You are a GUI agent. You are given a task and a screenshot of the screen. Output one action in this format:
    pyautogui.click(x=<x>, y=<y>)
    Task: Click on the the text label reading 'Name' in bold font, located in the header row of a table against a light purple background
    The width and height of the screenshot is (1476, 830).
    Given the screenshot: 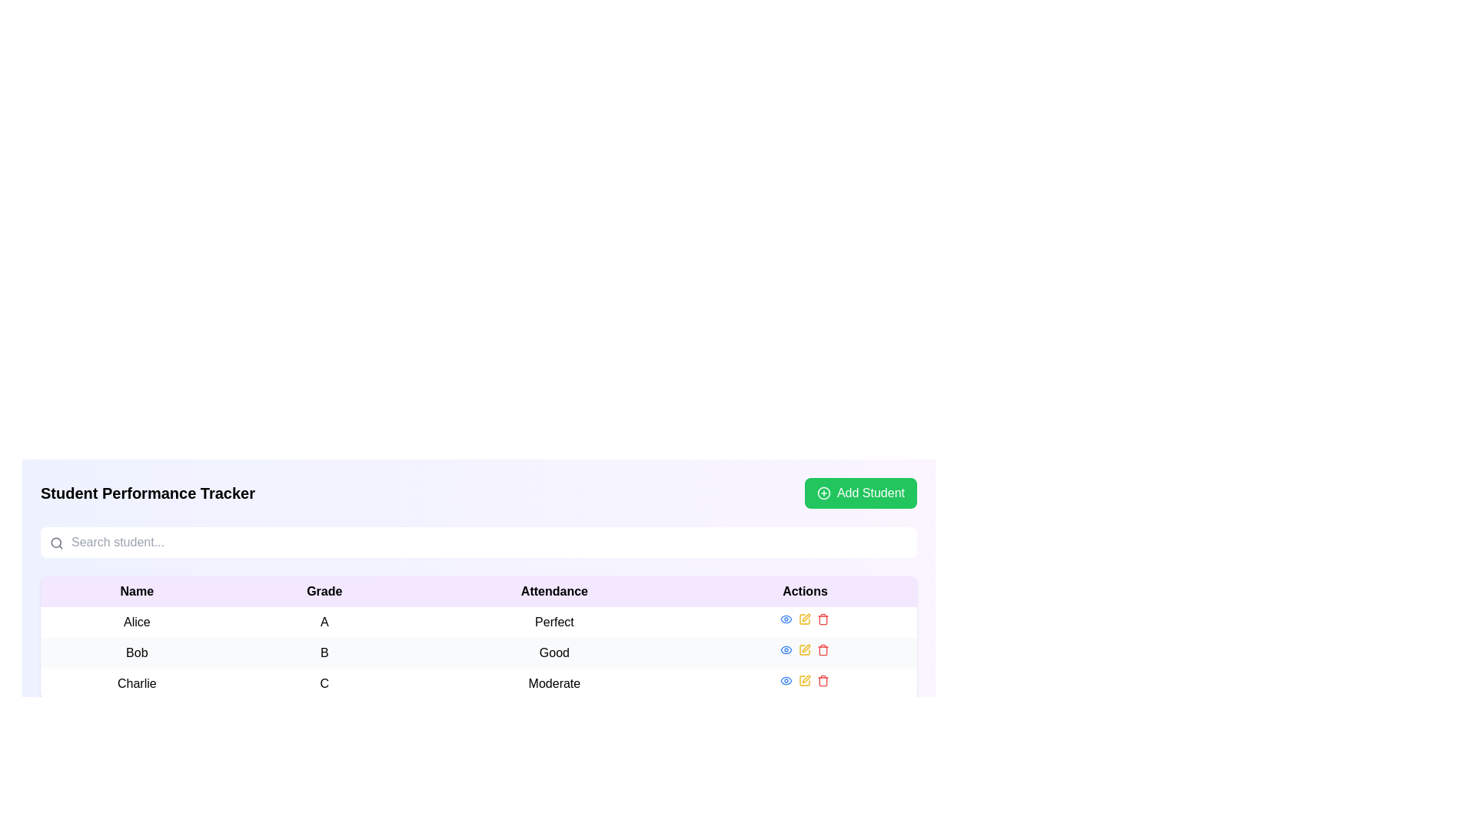 What is the action you would take?
    pyautogui.click(x=137, y=591)
    